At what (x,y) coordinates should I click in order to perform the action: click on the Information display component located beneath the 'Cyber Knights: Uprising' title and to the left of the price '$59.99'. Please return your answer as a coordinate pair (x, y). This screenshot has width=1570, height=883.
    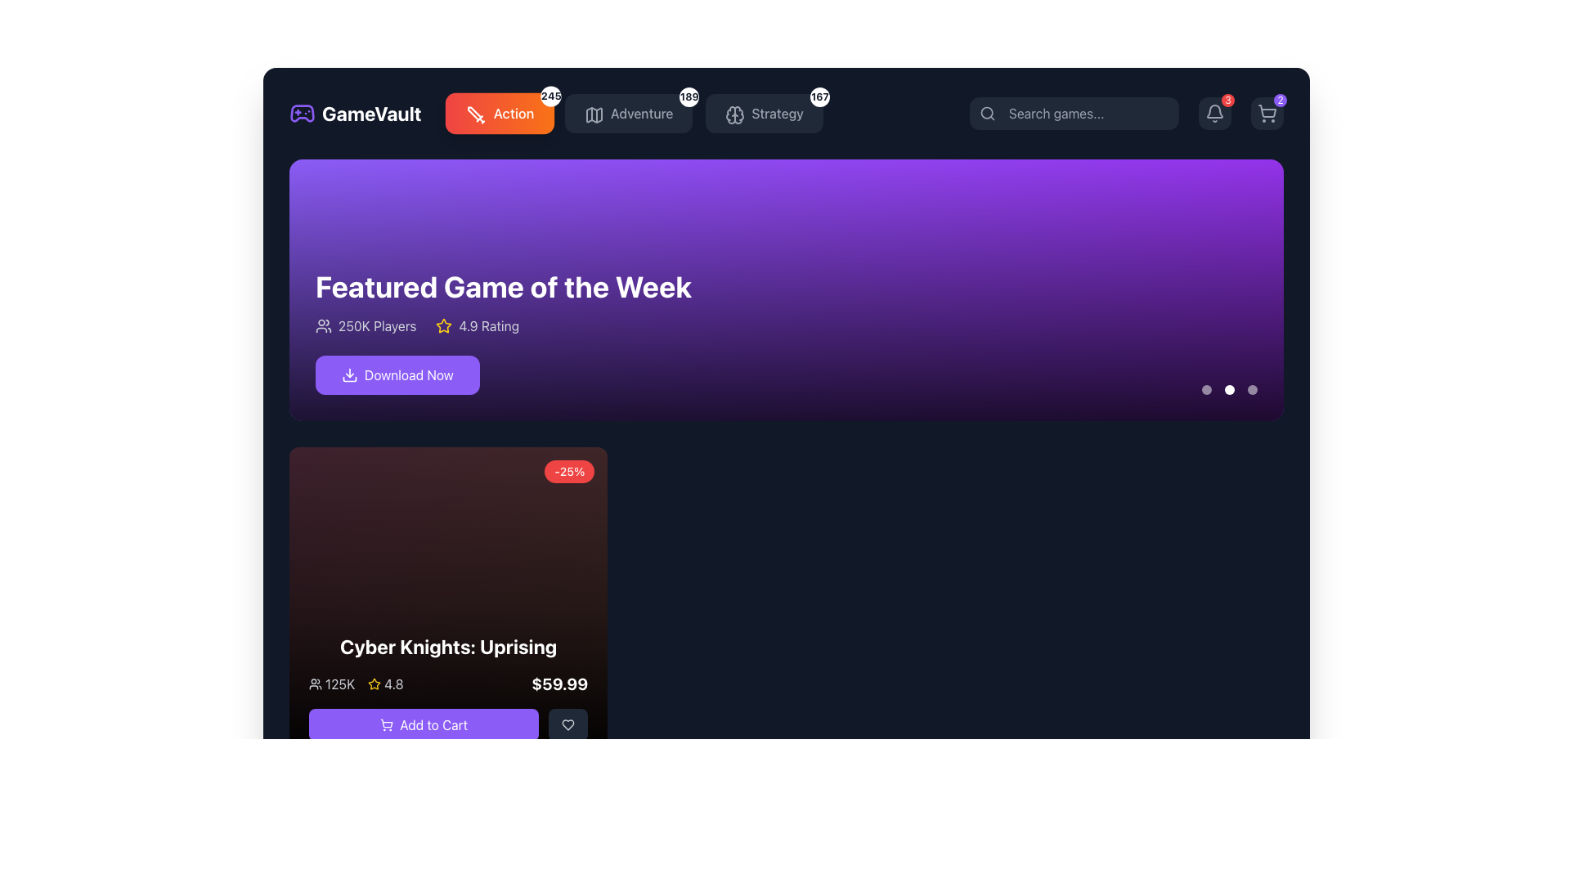
    Looking at the image, I should click on (355, 684).